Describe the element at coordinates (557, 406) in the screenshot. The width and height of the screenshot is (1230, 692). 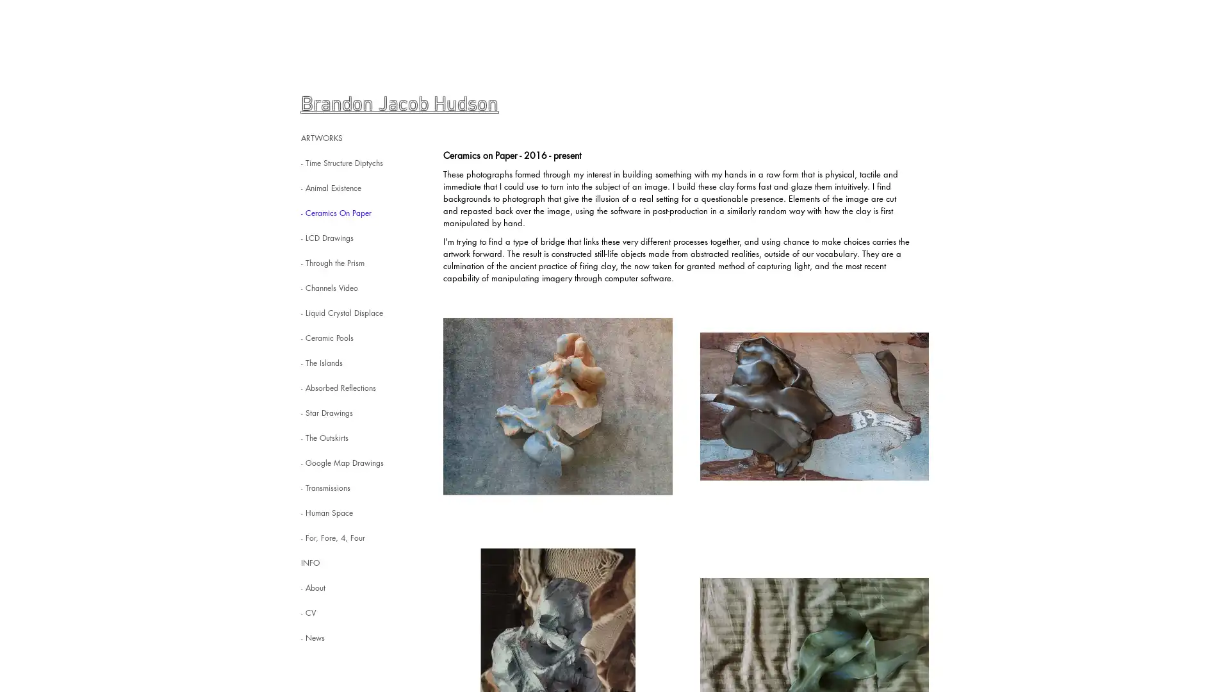
I see `Blue and Orange` at that location.